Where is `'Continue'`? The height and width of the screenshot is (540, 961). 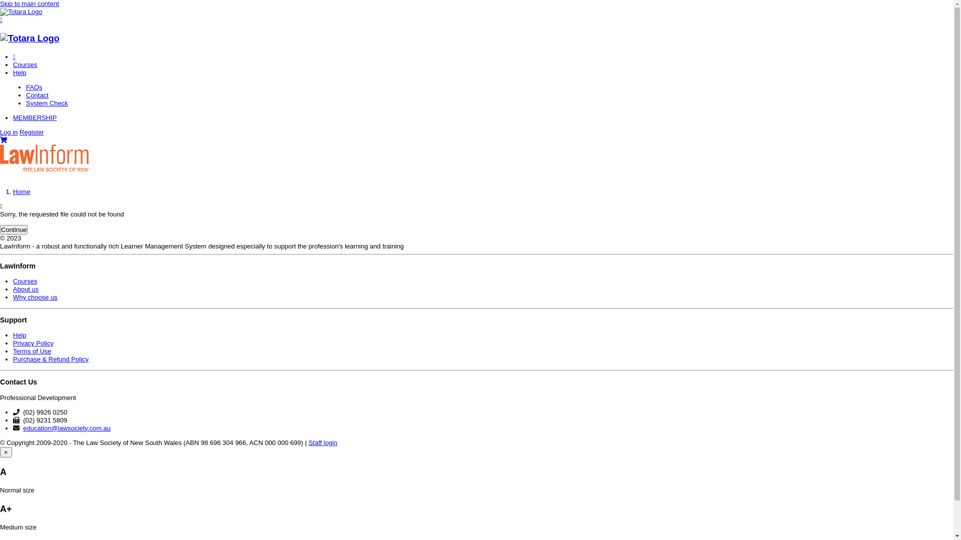
'Continue' is located at coordinates (14, 229).